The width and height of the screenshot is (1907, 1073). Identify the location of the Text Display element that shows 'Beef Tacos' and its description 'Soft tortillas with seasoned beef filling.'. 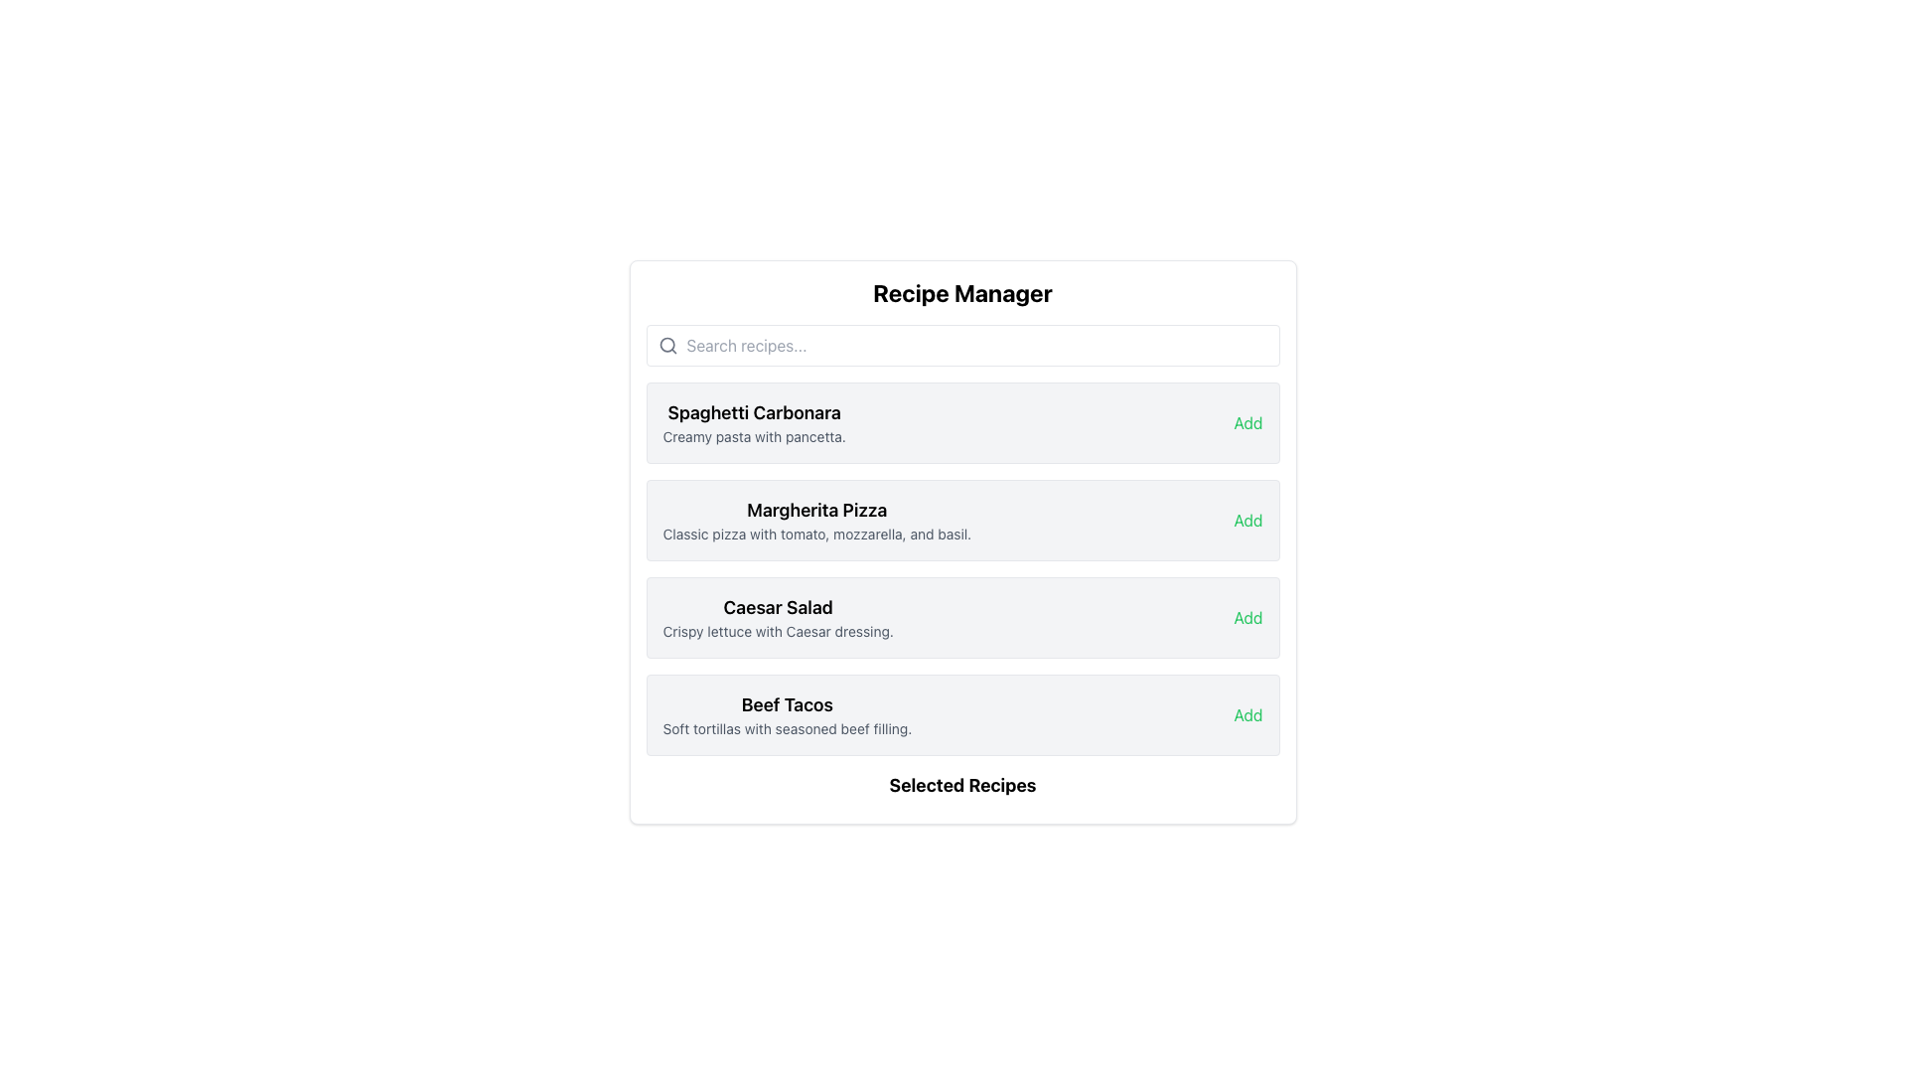
(786, 715).